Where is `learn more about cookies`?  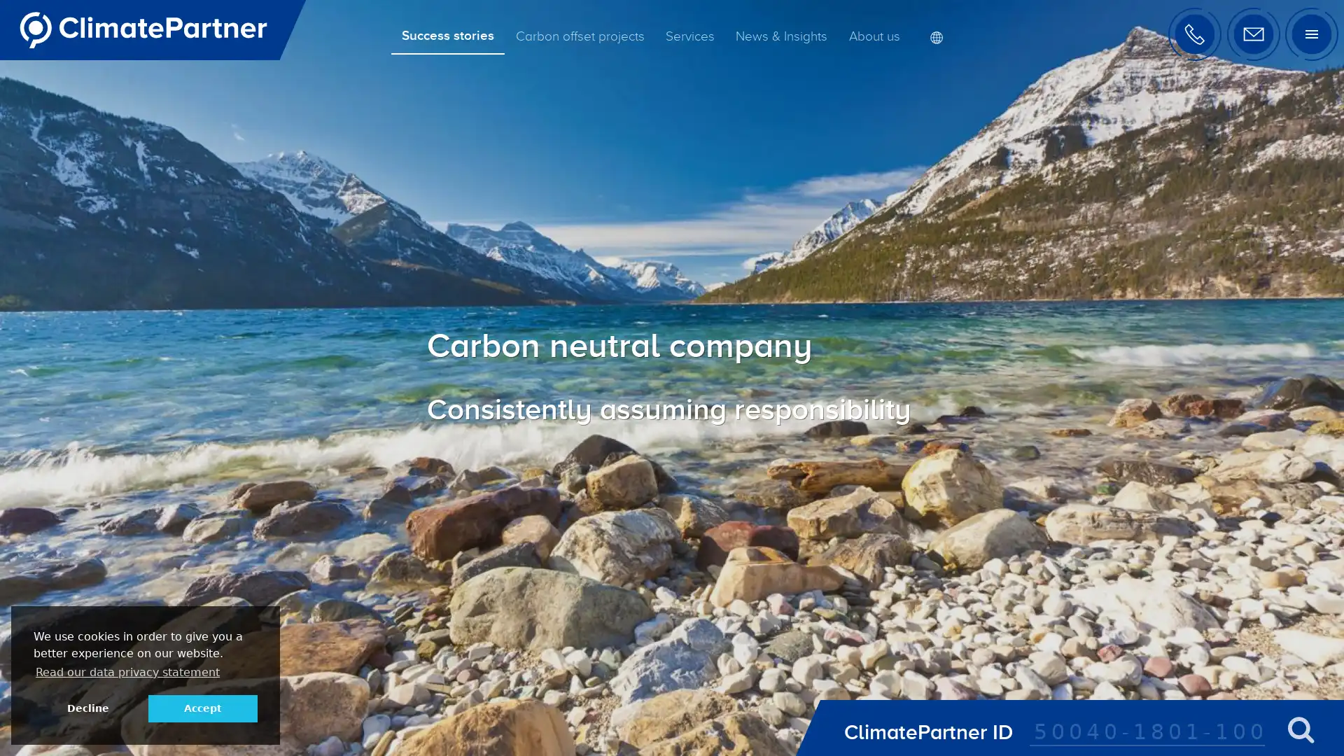 learn more about cookies is located at coordinates (127, 671).